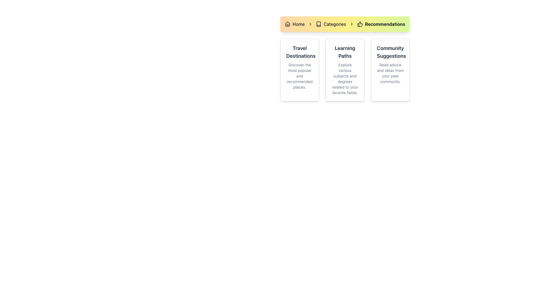 The height and width of the screenshot is (300, 533). Describe the element at coordinates (331, 24) in the screenshot. I see `the 'Categories' navigation link, which features an open book icon followed by bold text, located between 'Home' and 'Recommendations' in the top navigation section` at that location.